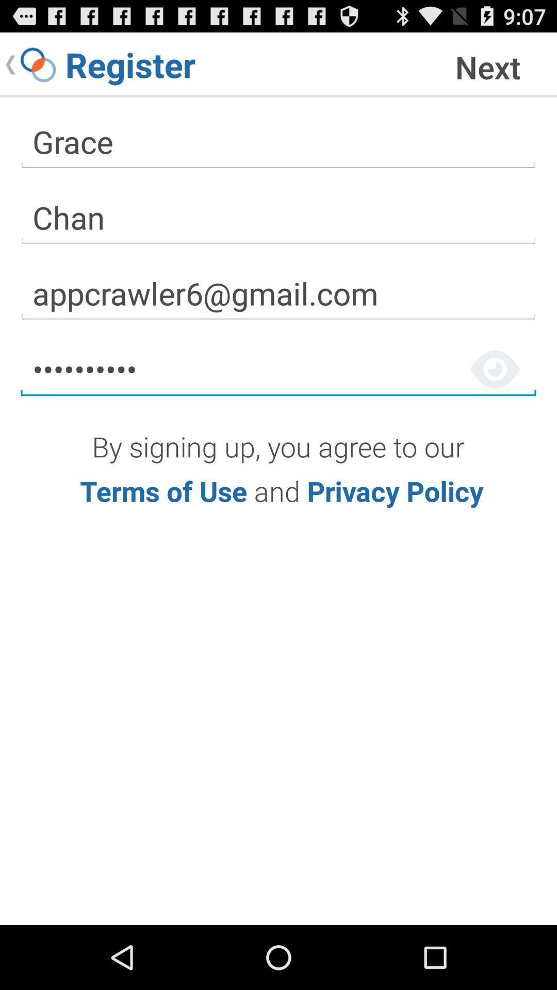  I want to click on the field which consists of eye symbol, so click(278, 369).